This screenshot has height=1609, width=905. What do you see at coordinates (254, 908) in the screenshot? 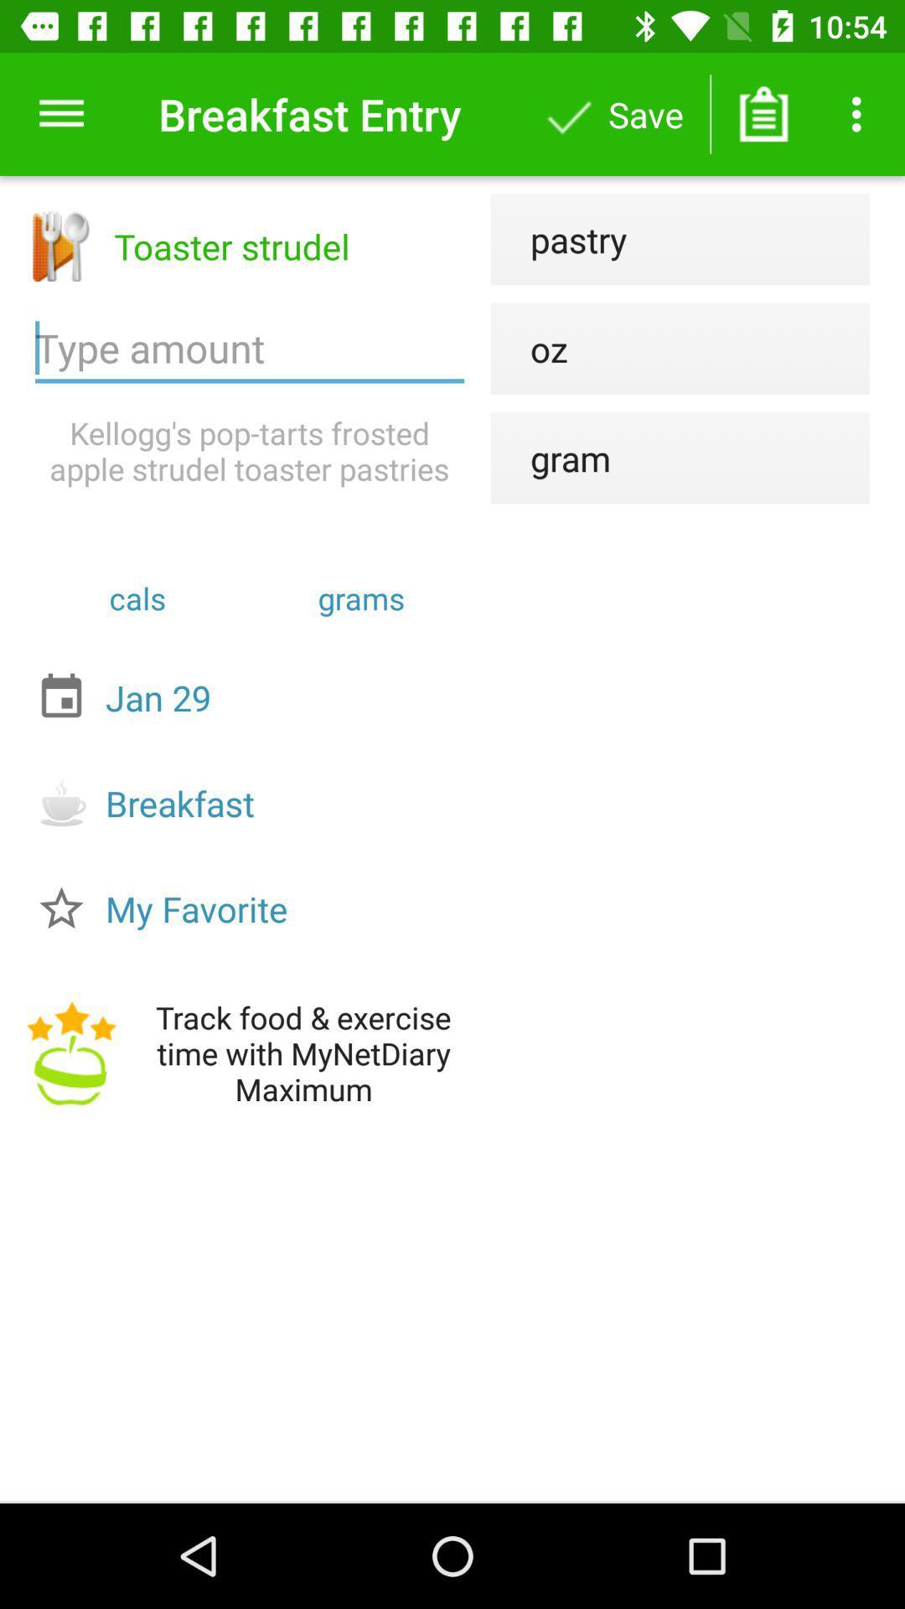
I see `icon below breakfast icon` at bounding box center [254, 908].